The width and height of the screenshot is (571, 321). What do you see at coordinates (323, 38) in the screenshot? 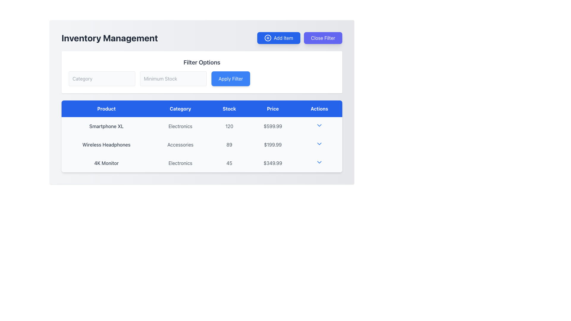
I see `the close button located in the top-right area of the interface, which is the second button in a horizontal group next to the 'Add Item' button, to observe the visual change indicating interactivity` at bounding box center [323, 38].